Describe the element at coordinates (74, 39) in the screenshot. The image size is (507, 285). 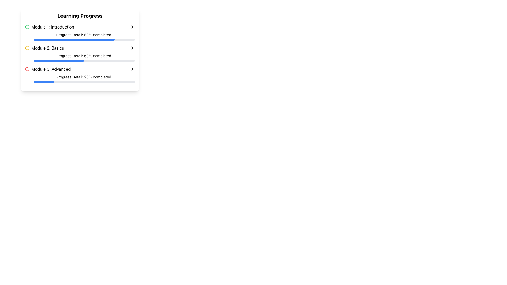
I see `the 80% progress bar located in the 'Module 1: Introduction' section under the 'Learning Progress' heading` at that location.